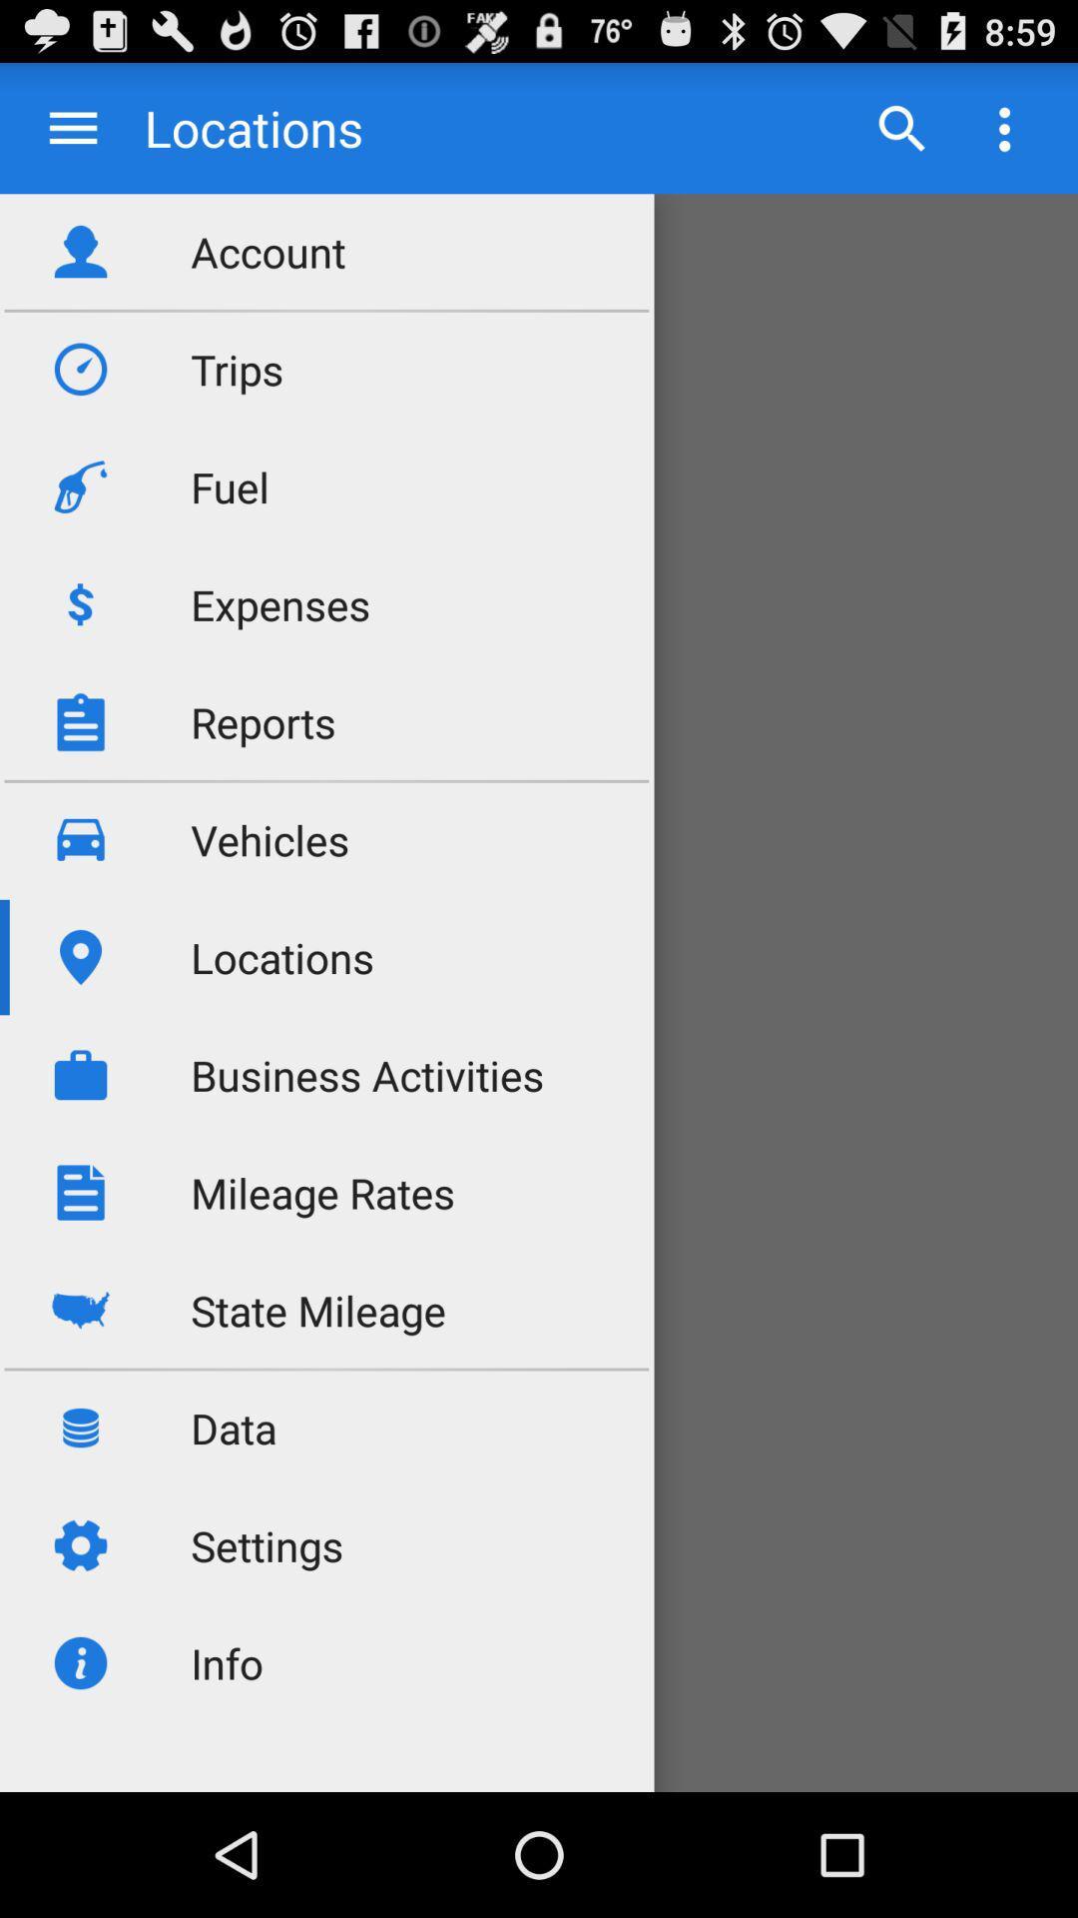 This screenshot has width=1078, height=1918. Describe the element at coordinates (72, 136) in the screenshot. I see `the menu icon` at that location.